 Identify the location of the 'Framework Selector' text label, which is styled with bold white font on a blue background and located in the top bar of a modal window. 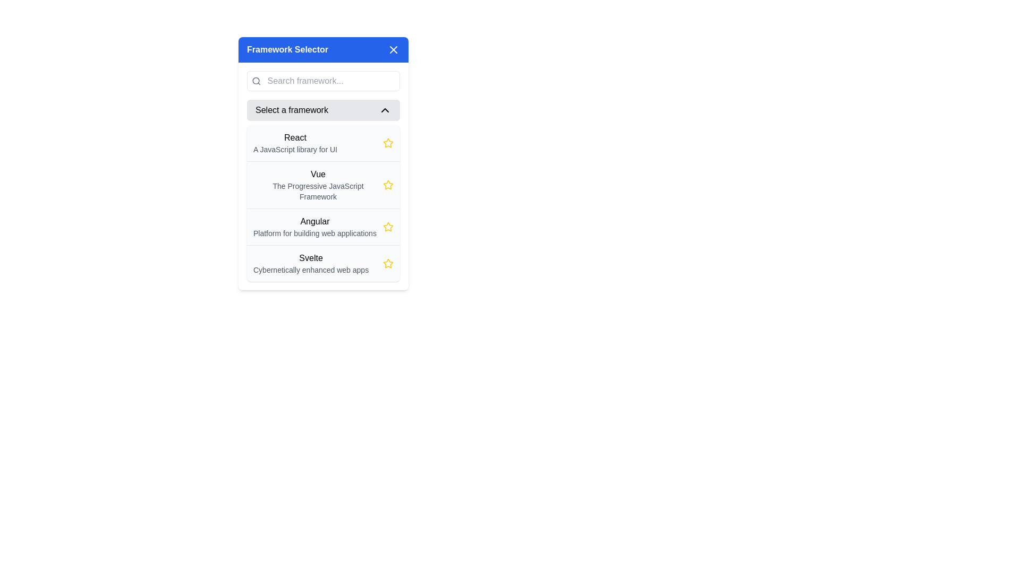
(287, 49).